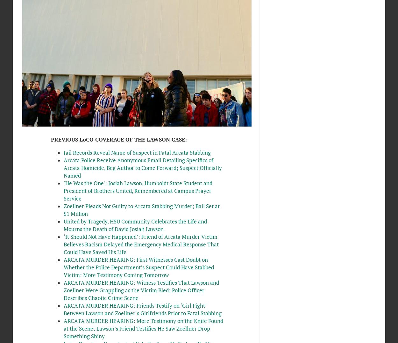  Describe the element at coordinates (143, 328) in the screenshot. I see `'ARCATA MURDER HEARING: More Testimony on the Knife Found at the Scene; Lawson’s Friend Testifies He Saw Zoellner Drop Something Shiny'` at that location.